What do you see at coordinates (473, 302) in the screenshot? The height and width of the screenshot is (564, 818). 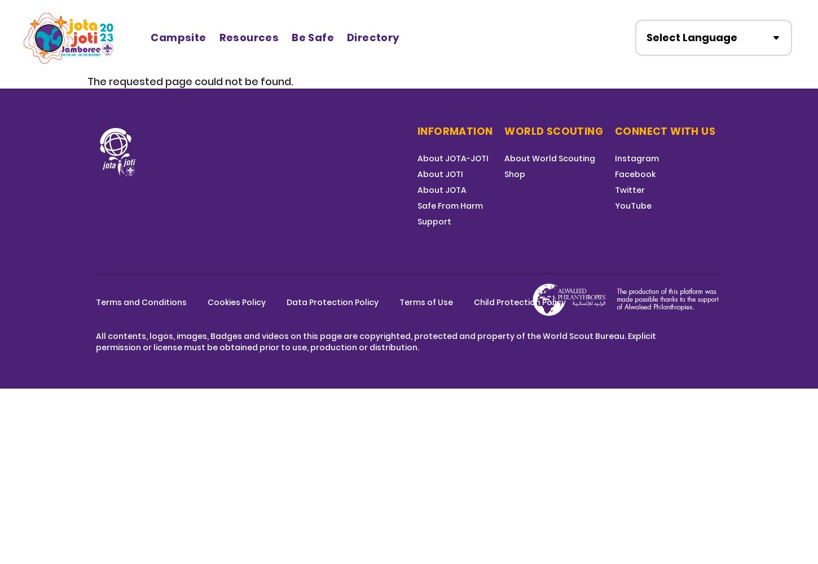 I see `'Child Protection Policy'` at bounding box center [473, 302].